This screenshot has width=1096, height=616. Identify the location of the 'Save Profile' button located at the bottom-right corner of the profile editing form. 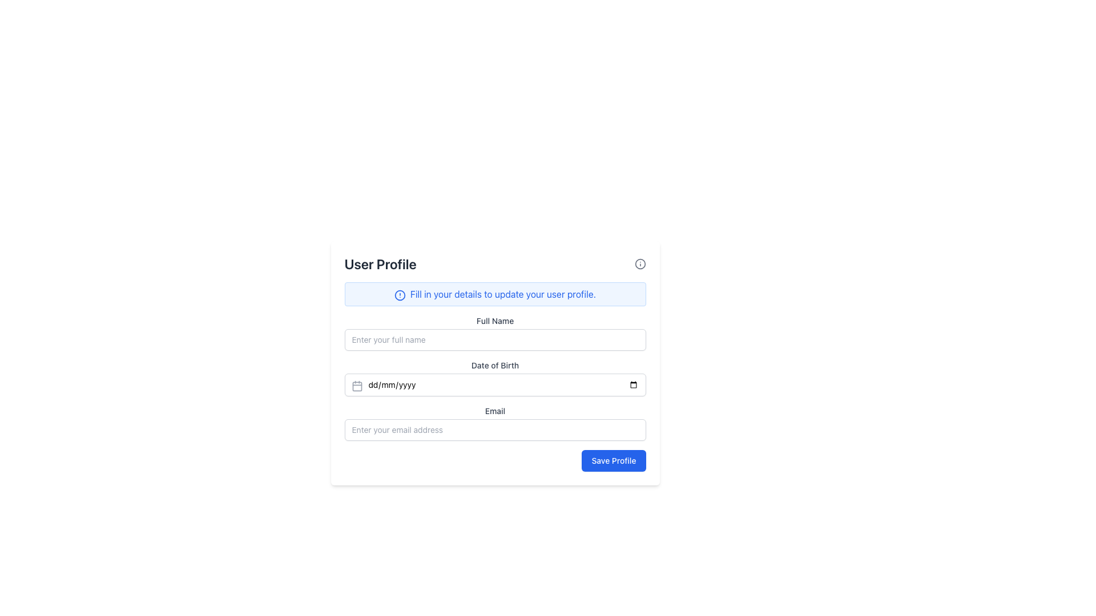
(613, 460).